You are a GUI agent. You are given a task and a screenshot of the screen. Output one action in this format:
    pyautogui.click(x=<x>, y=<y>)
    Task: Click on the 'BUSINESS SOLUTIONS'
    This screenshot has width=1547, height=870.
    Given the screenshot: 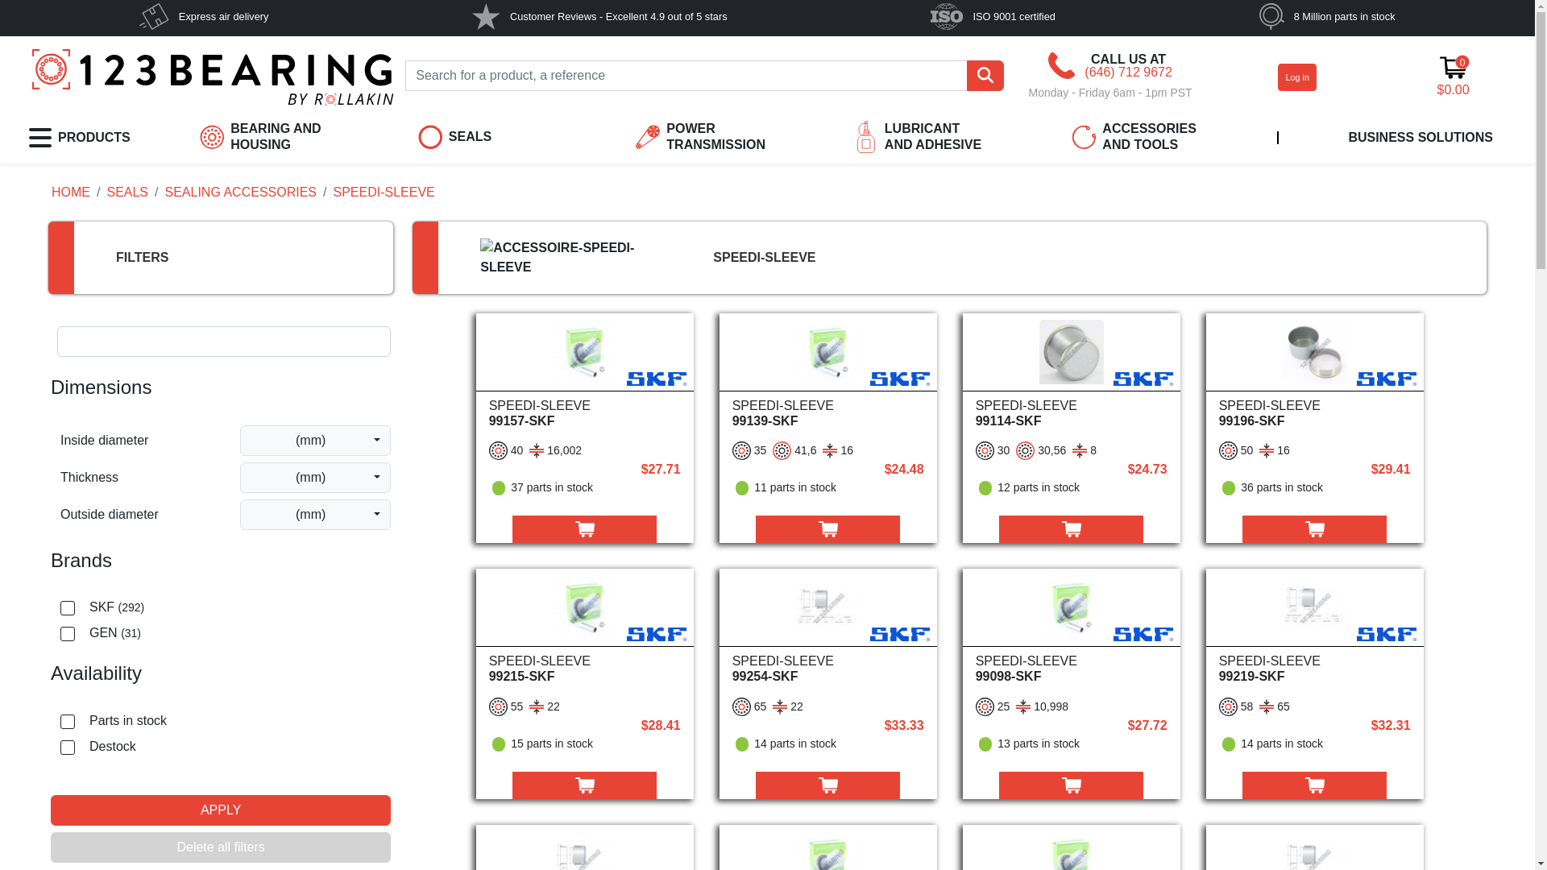 What is the action you would take?
    pyautogui.click(x=1420, y=138)
    